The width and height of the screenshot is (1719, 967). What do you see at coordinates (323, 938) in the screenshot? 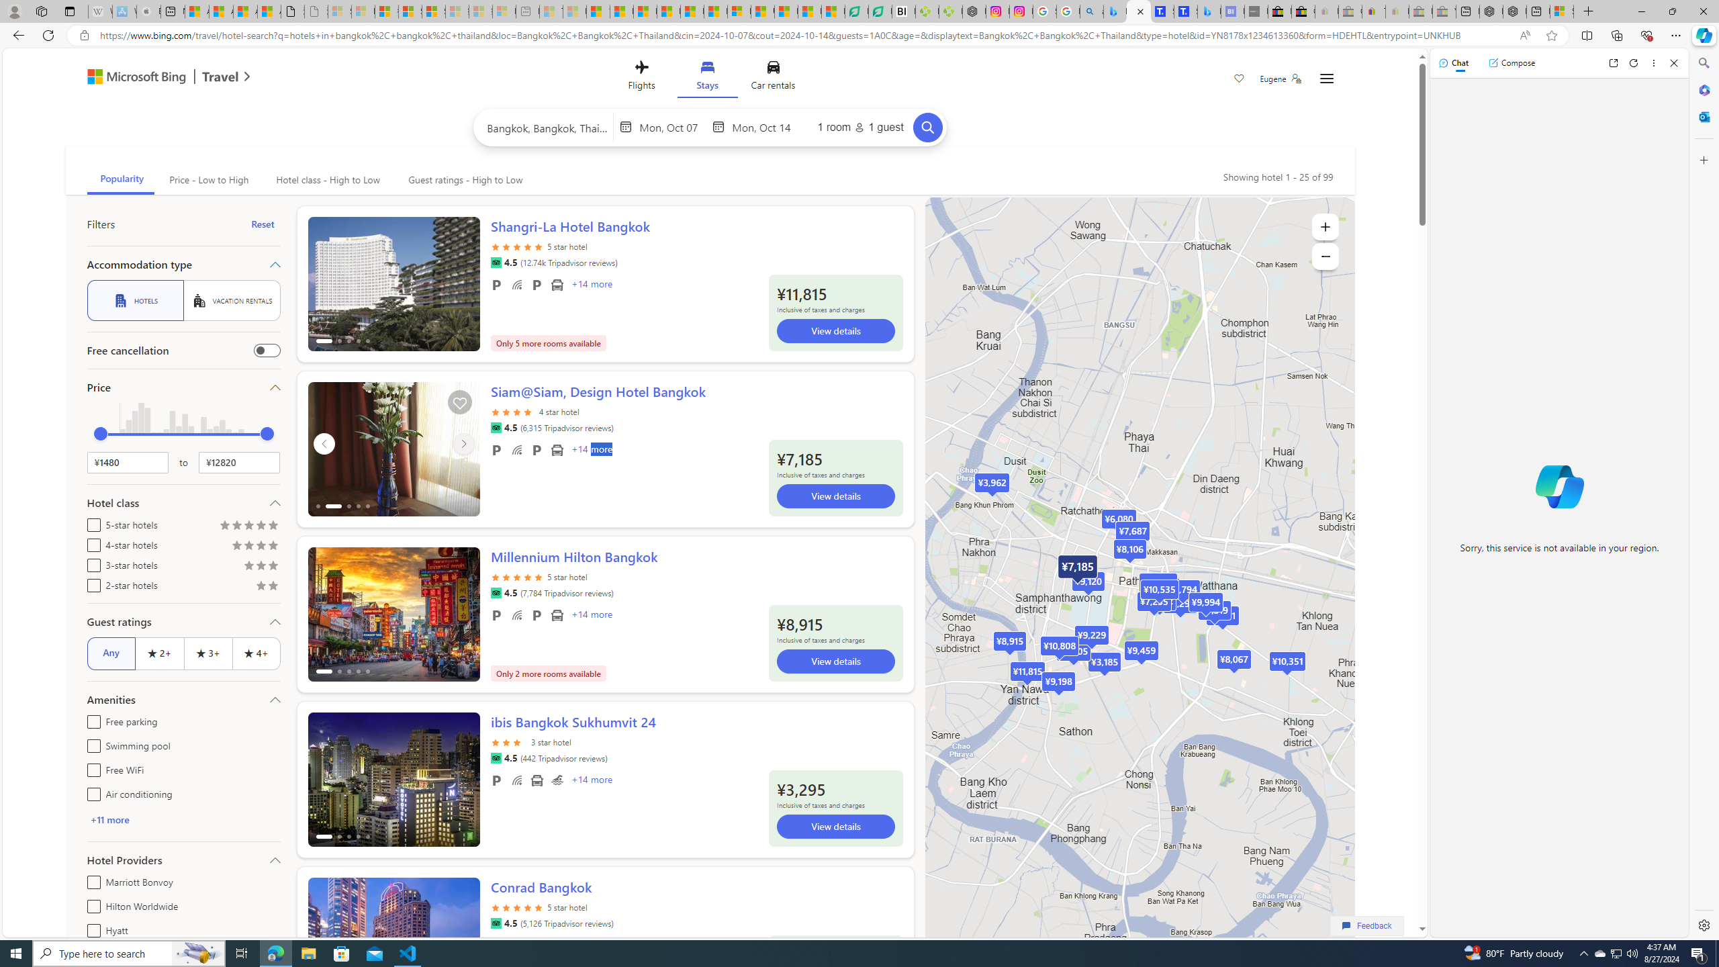
I see `'ScrollLeft'` at bounding box center [323, 938].